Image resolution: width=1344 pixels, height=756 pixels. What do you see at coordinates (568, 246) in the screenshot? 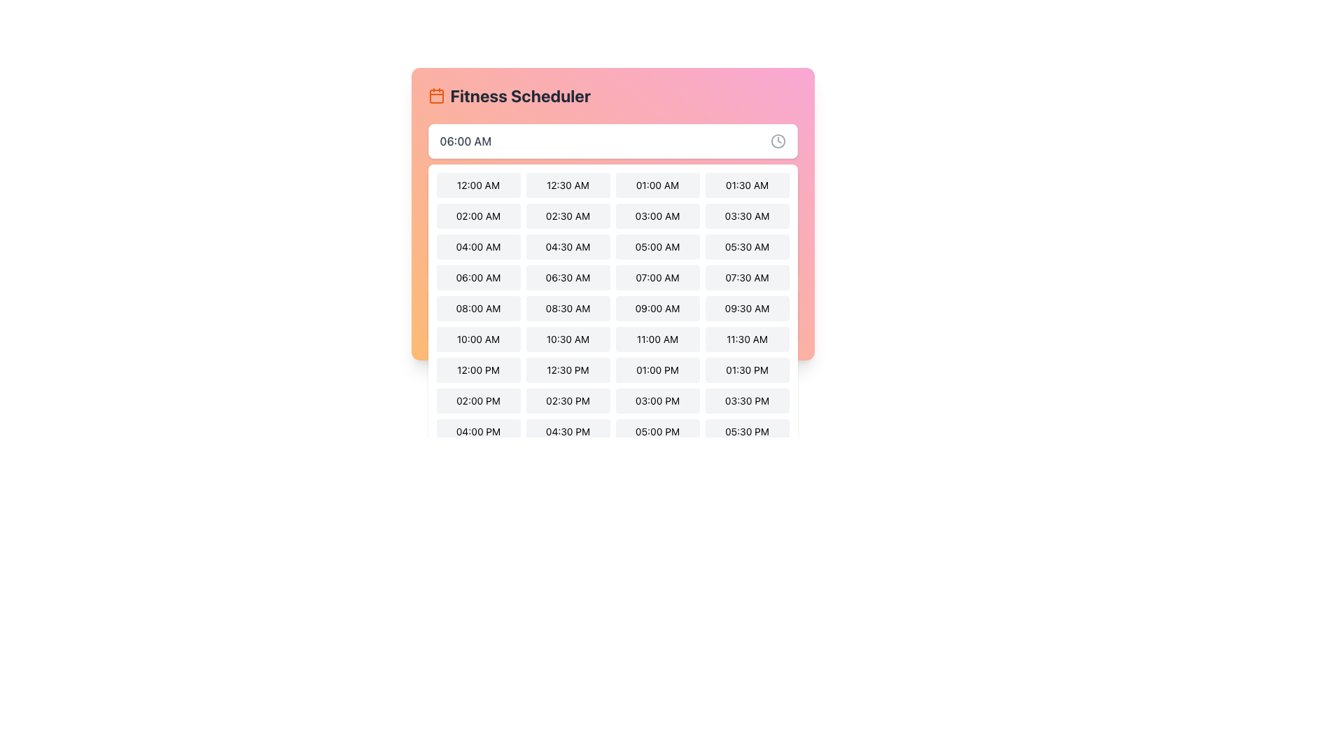
I see `the rectangular button labeled '04:30 AM' with a light gray background` at bounding box center [568, 246].